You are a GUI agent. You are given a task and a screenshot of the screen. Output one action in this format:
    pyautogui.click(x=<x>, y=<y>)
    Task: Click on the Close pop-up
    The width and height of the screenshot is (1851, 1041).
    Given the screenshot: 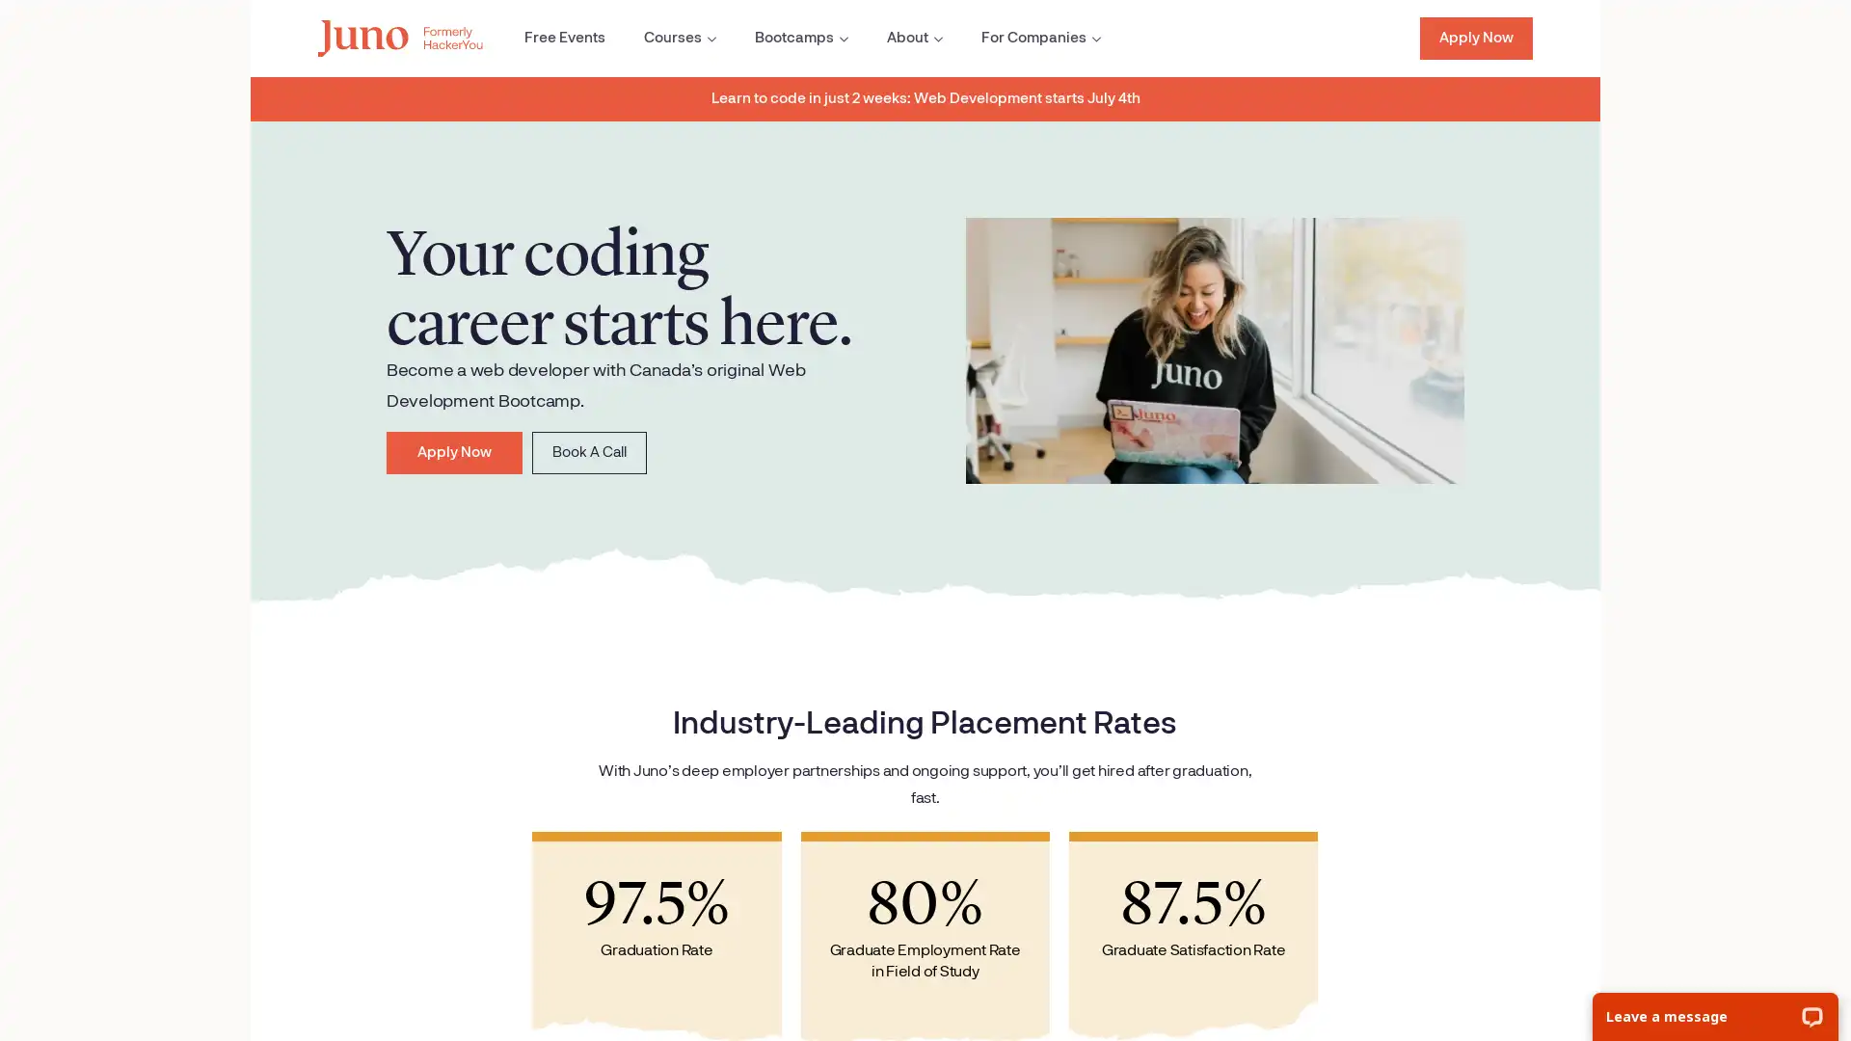 What is the action you would take?
    pyautogui.click(x=373, y=774)
    